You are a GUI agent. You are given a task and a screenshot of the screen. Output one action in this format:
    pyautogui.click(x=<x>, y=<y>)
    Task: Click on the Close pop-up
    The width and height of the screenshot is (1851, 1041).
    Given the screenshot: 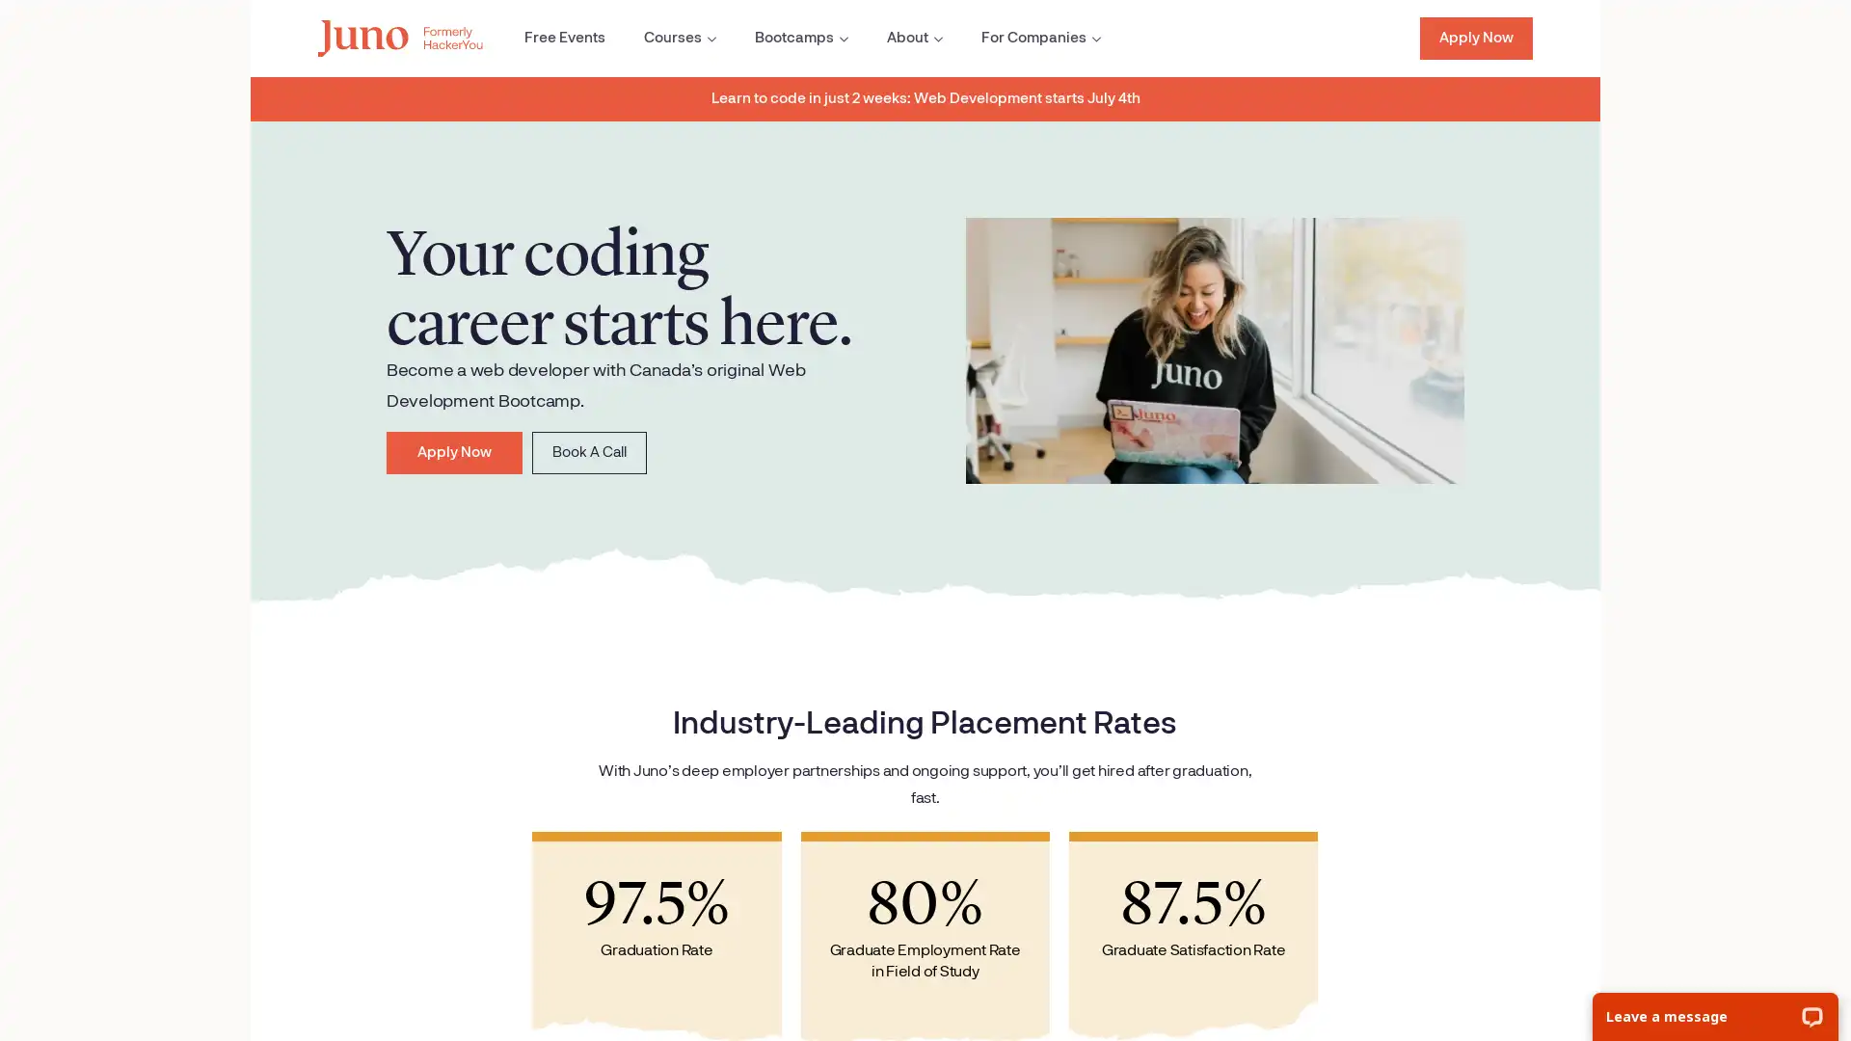 What is the action you would take?
    pyautogui.click(x=373, y=774)
    